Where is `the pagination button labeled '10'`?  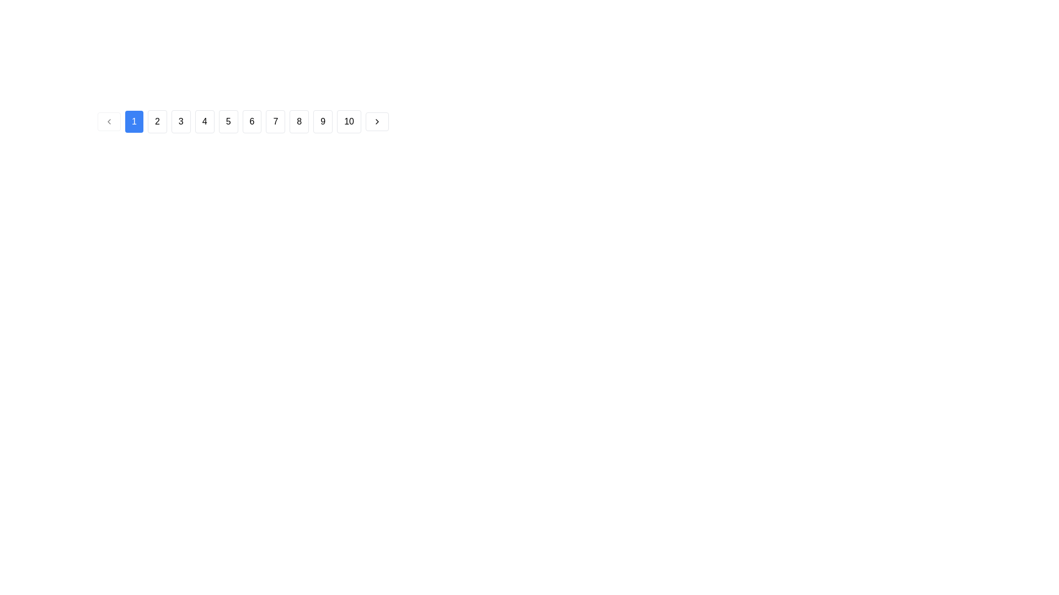 the pagination button labeled '10' is located at coordinates (349, 121).